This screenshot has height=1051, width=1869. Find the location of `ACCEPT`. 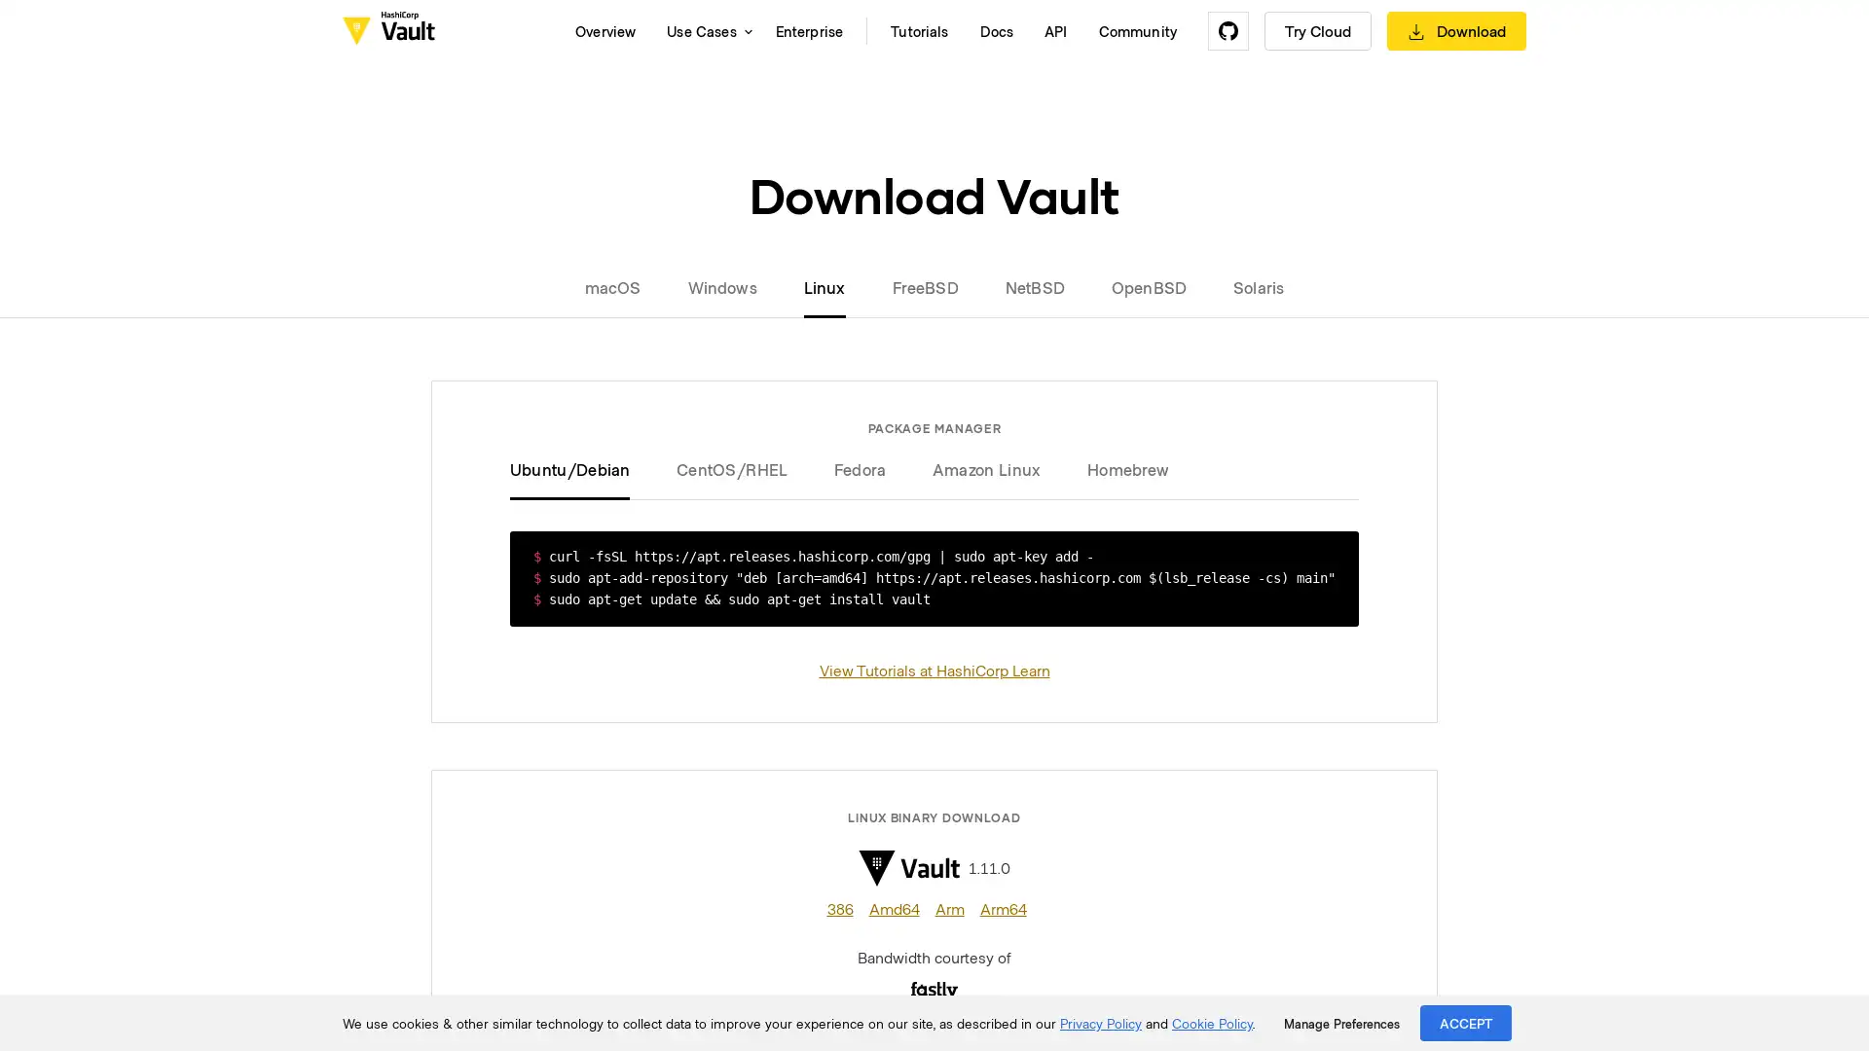

ACCEPT is located at coordinates (1466, 1022).